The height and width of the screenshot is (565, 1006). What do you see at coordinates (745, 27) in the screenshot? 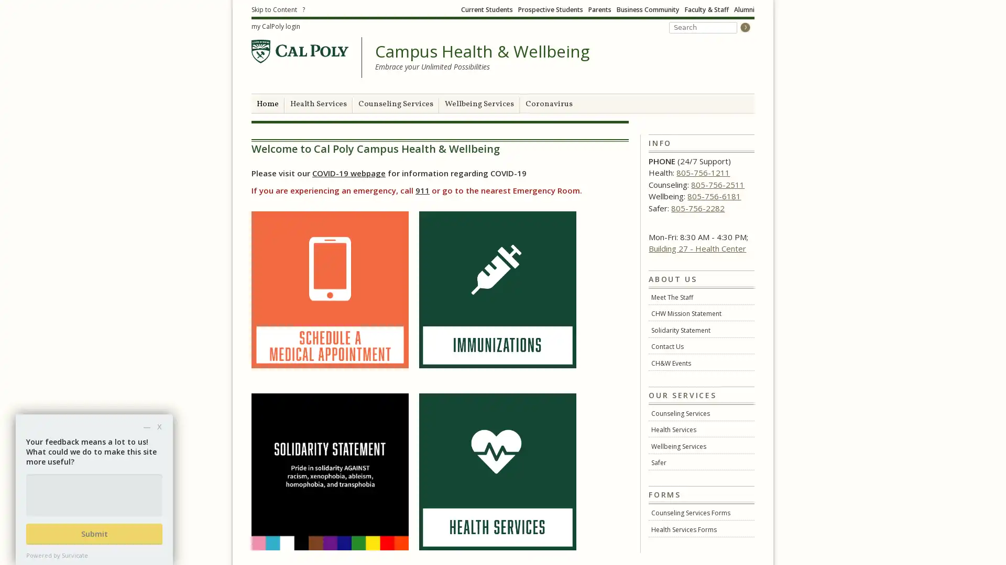
I see `Go` at bounding box center [745, 27].